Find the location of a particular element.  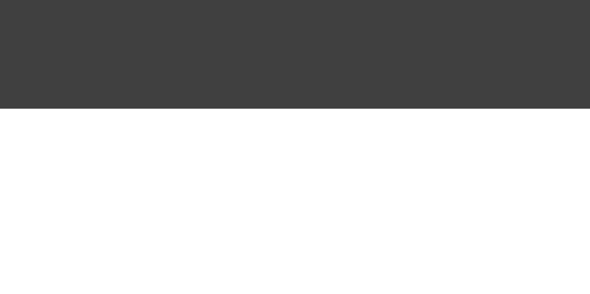

'Privacy Policy' is located at coordinates (197, 71).